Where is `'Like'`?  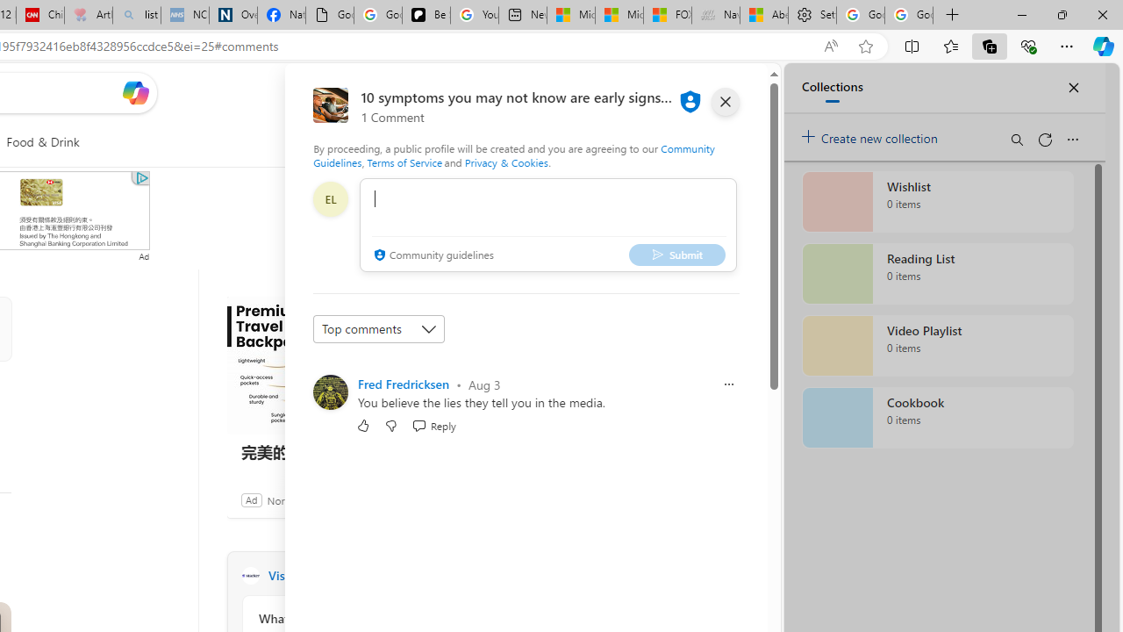
'Like' is located at coordinates (362, 425).